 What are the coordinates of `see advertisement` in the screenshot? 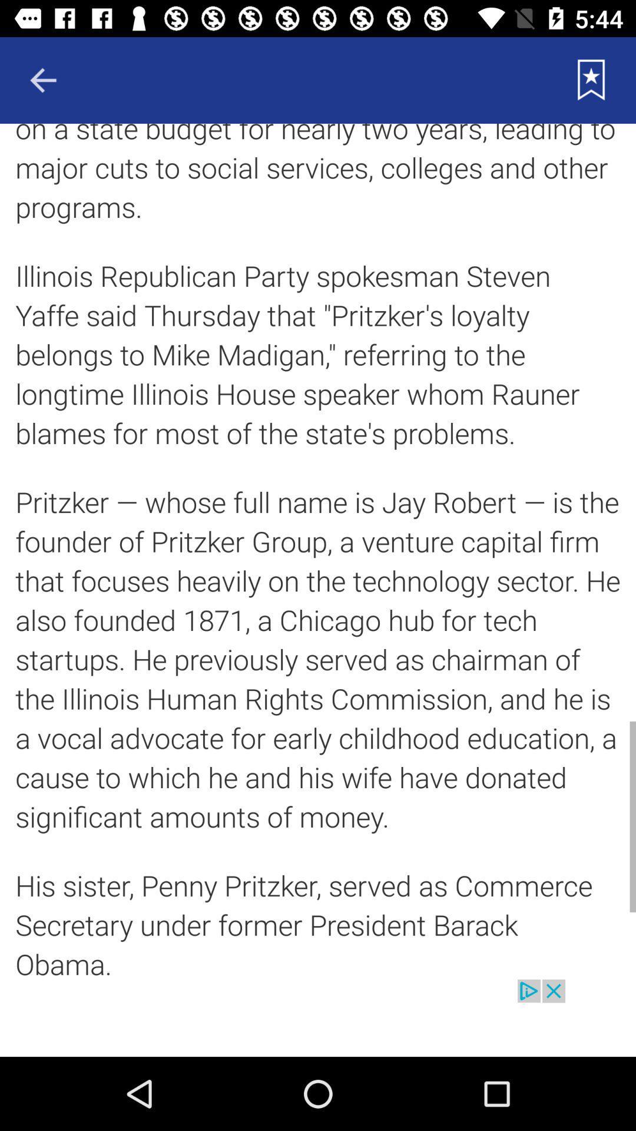 It's located at (318, 1017).